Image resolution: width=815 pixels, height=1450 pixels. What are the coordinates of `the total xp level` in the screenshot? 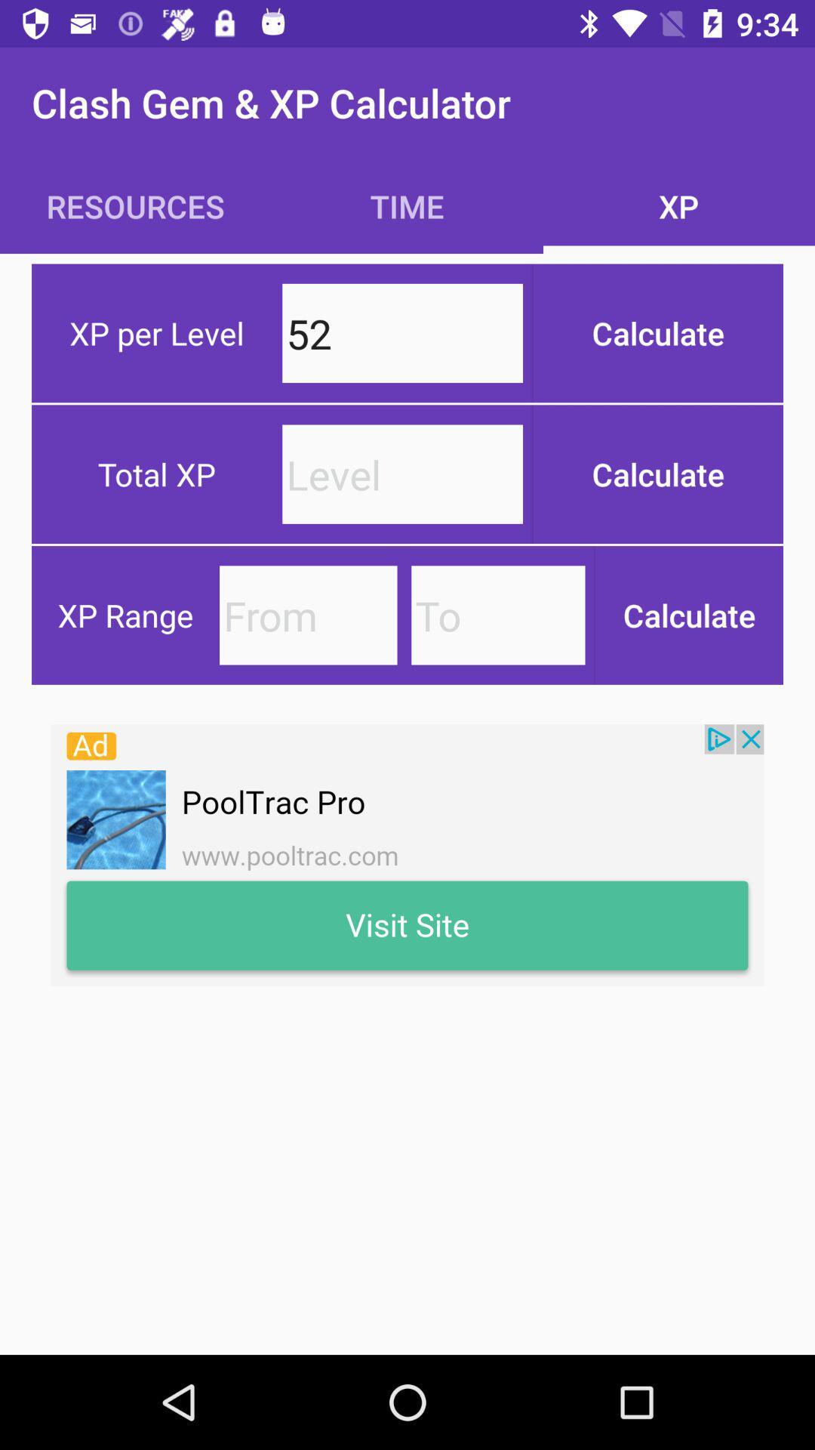 It's located at (401, 474).